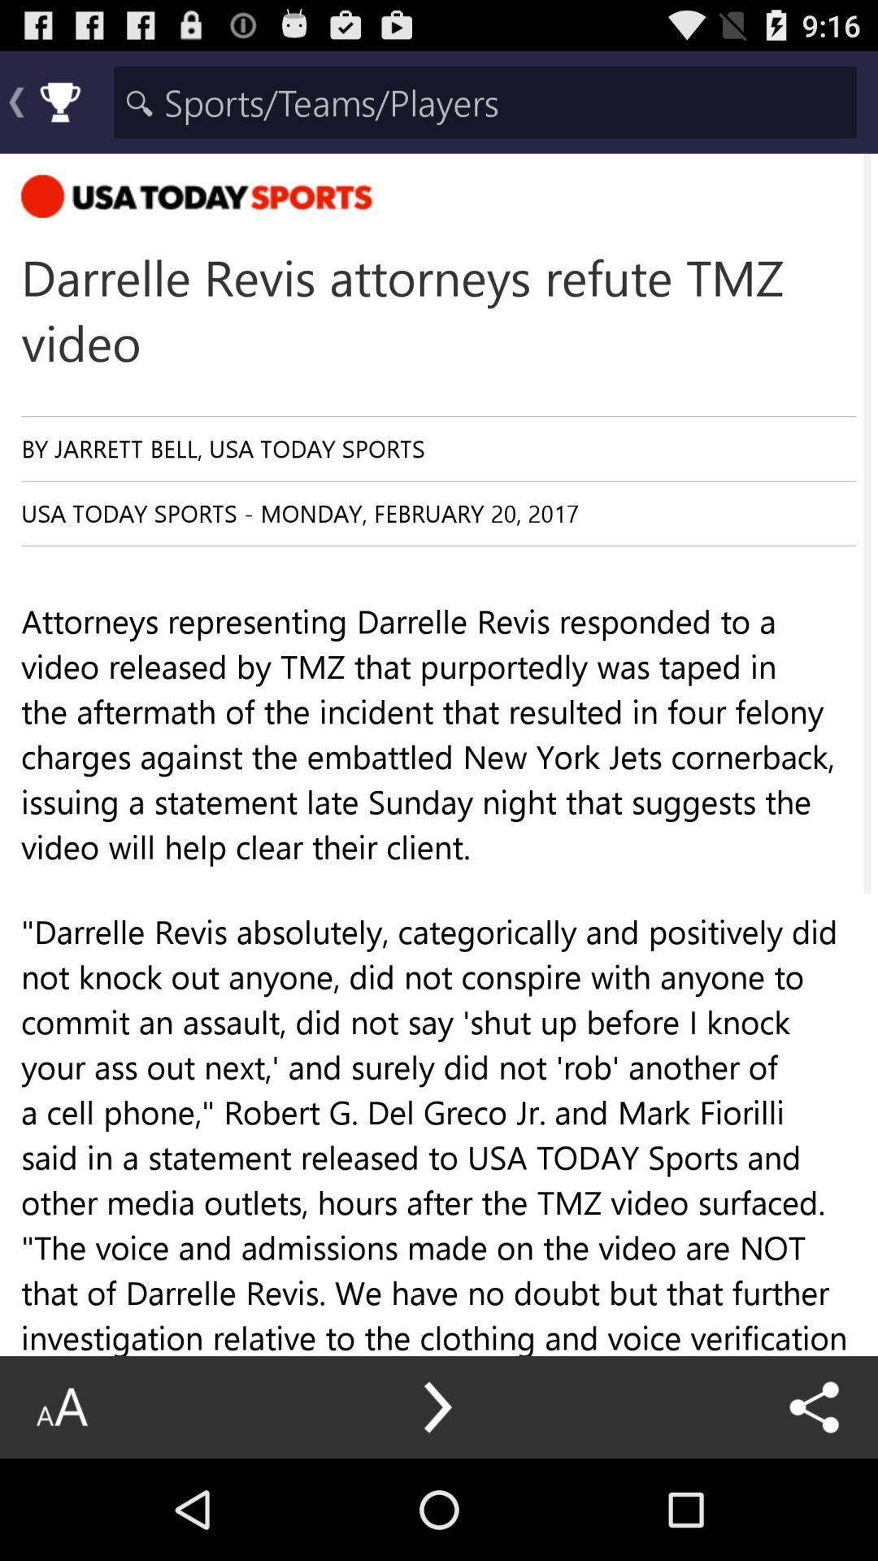 The image size is (878, 1561). What do you see at coordinates (485, 101) in the screenshot?
I see `search input` at bounding box center [485, 101].